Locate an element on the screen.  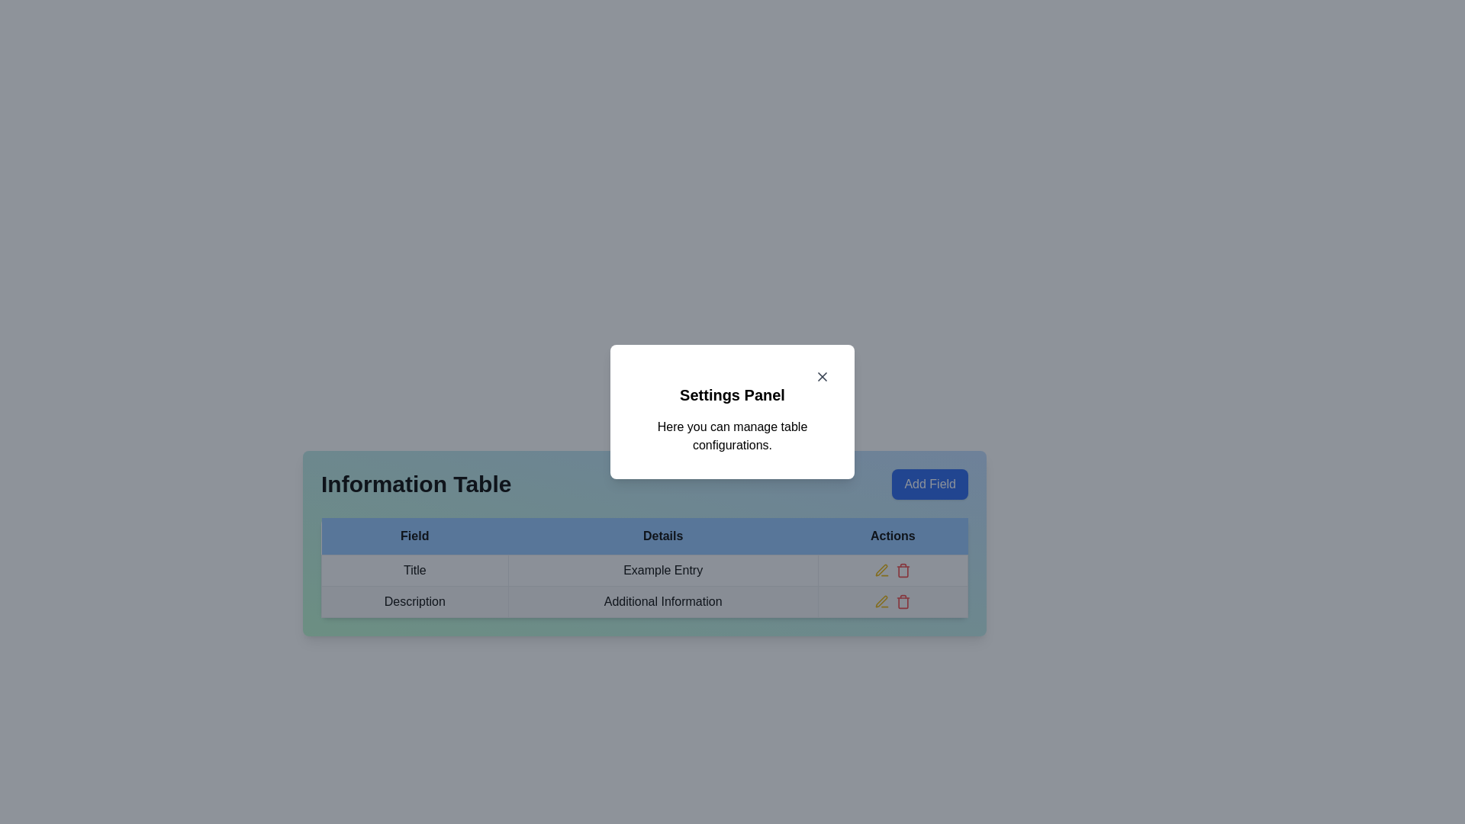
the second row of the 'Information Table' that contains the text 'Description' and 'Additional Information' with interactive icons is located at coordinates (644, 601).